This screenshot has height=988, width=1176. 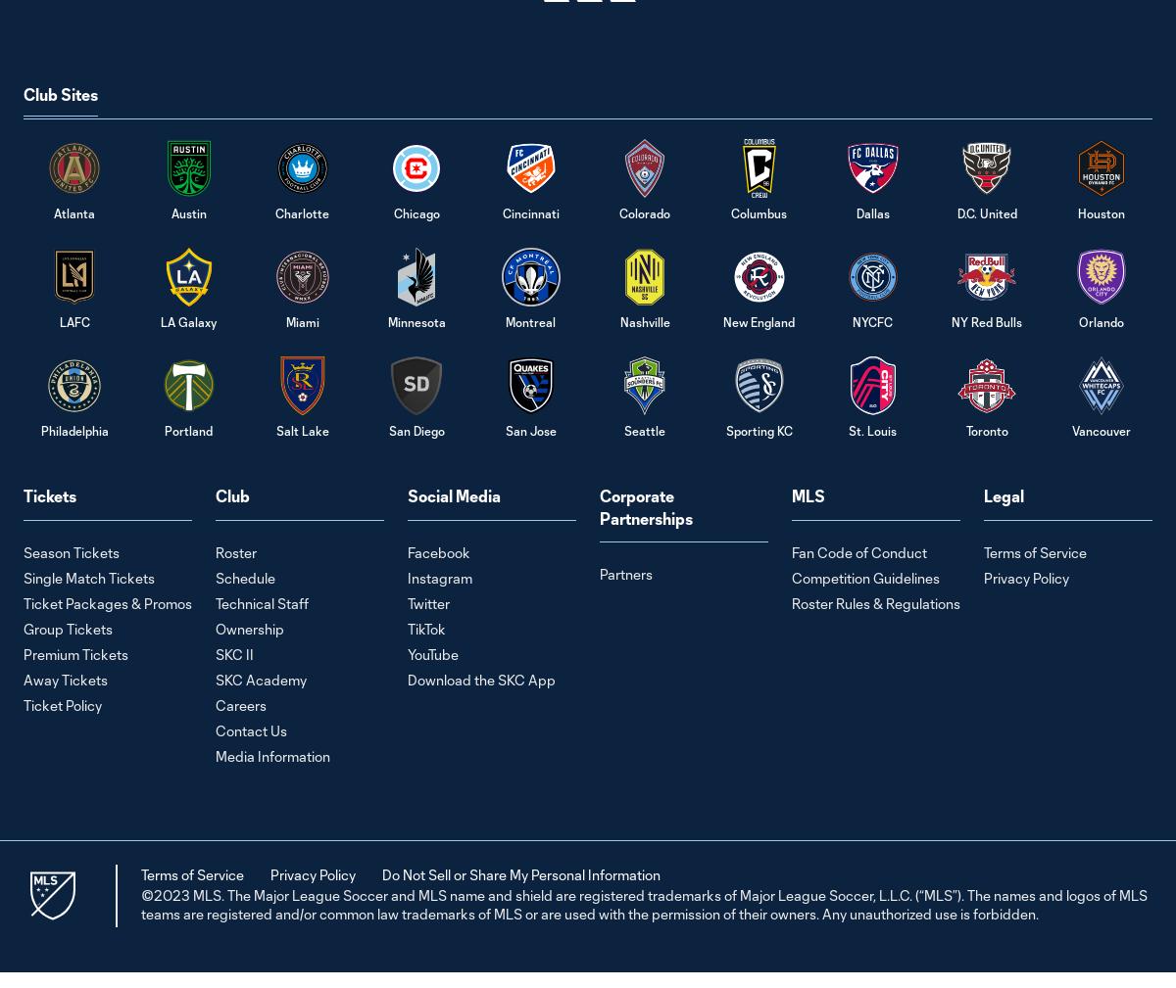 I want to click on 'Dallas', so click(x=871, y=212).